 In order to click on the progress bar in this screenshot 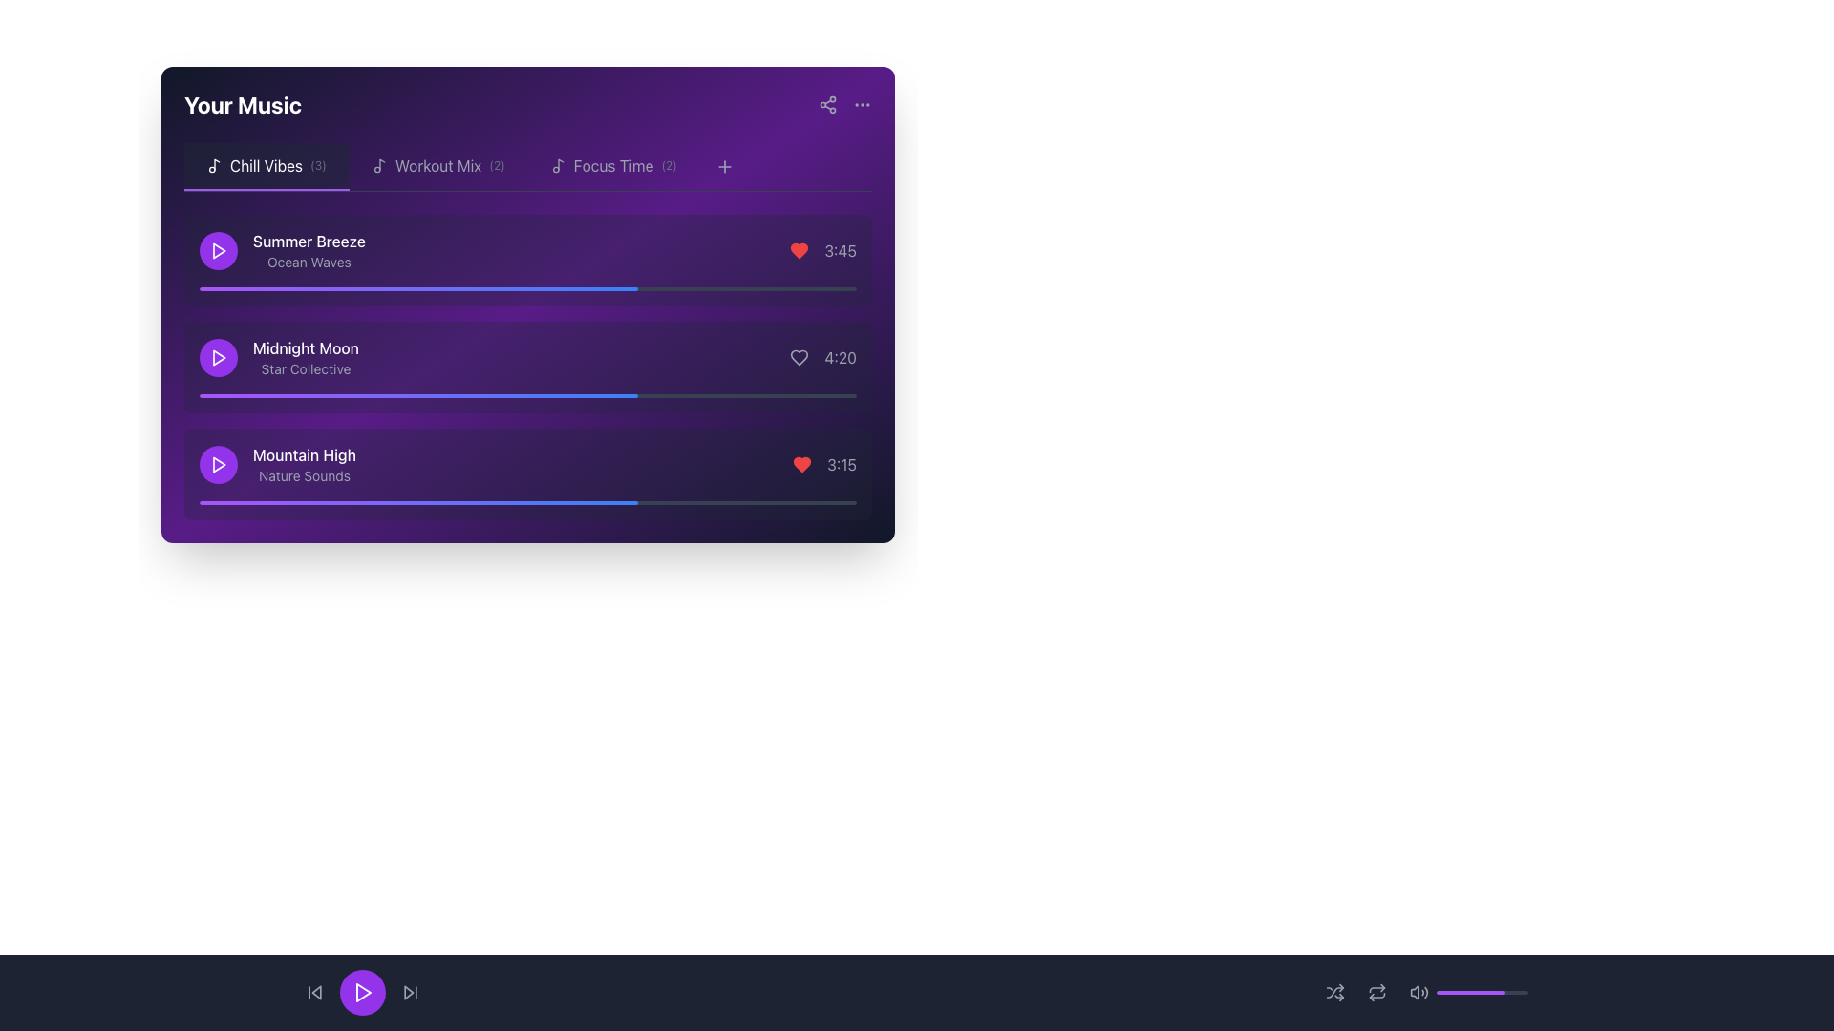, I will do `click(639, 395)`.